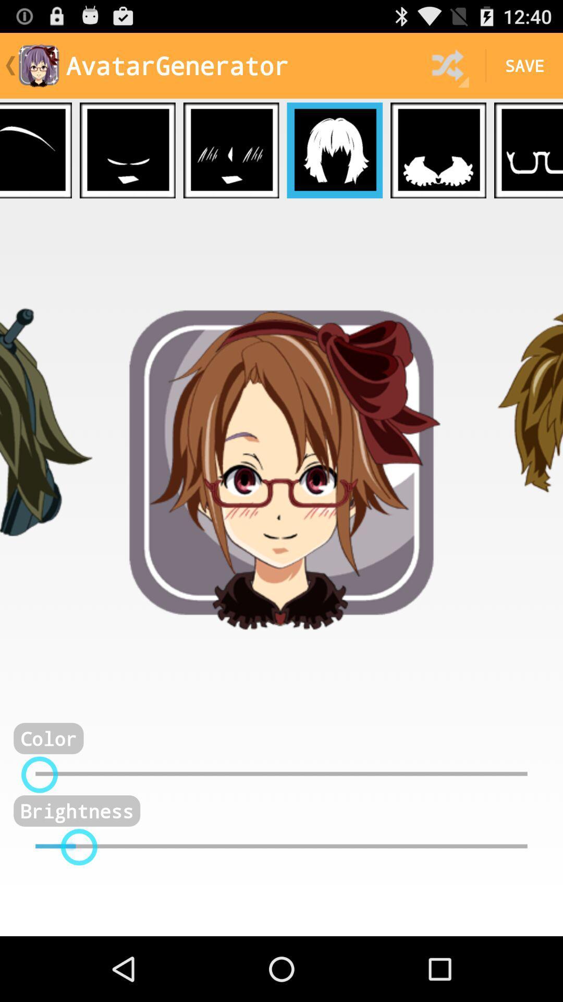 The width and height of the screenshot is (563, 1002). I want to click on apply this expression to avatar, so click(127, 150).